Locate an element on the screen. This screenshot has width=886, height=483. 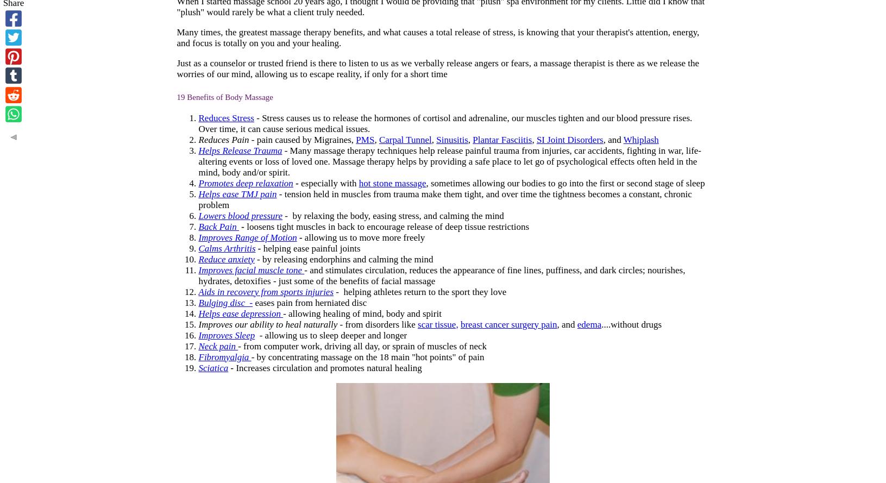
'pain caused by Migraines,' is located at coordinates (305, 139).